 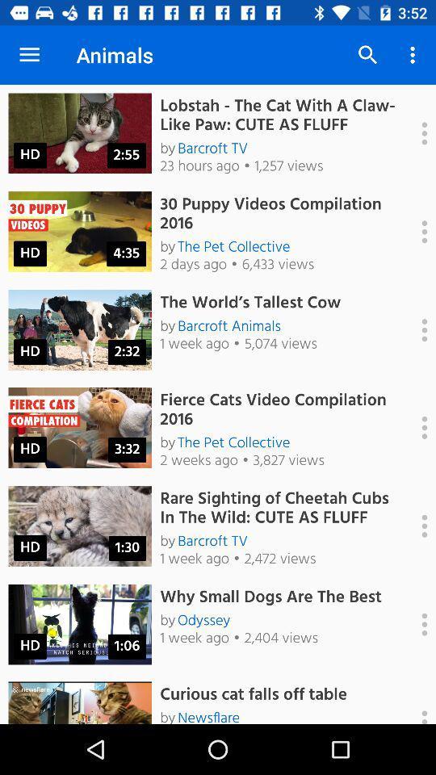 What do you see at coordinates (416, 329) in the screenshot?
I see `more options icon` at bounding box center [416, 329].